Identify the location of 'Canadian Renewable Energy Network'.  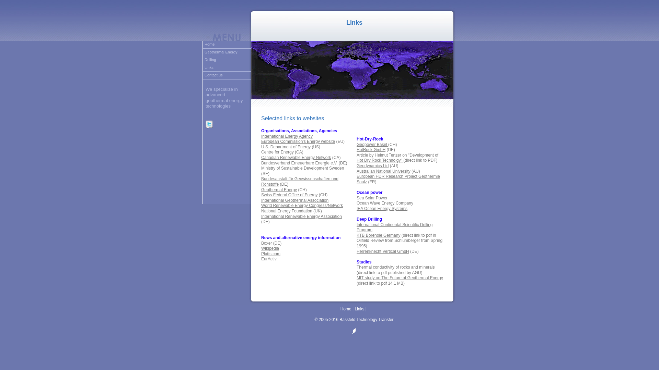
(296, 157).